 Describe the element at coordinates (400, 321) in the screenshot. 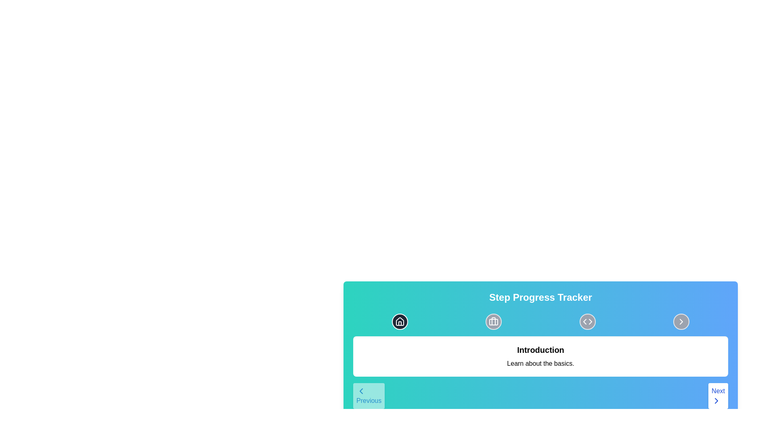

I see `the house-like SVG icon in the toolbar` at that location.